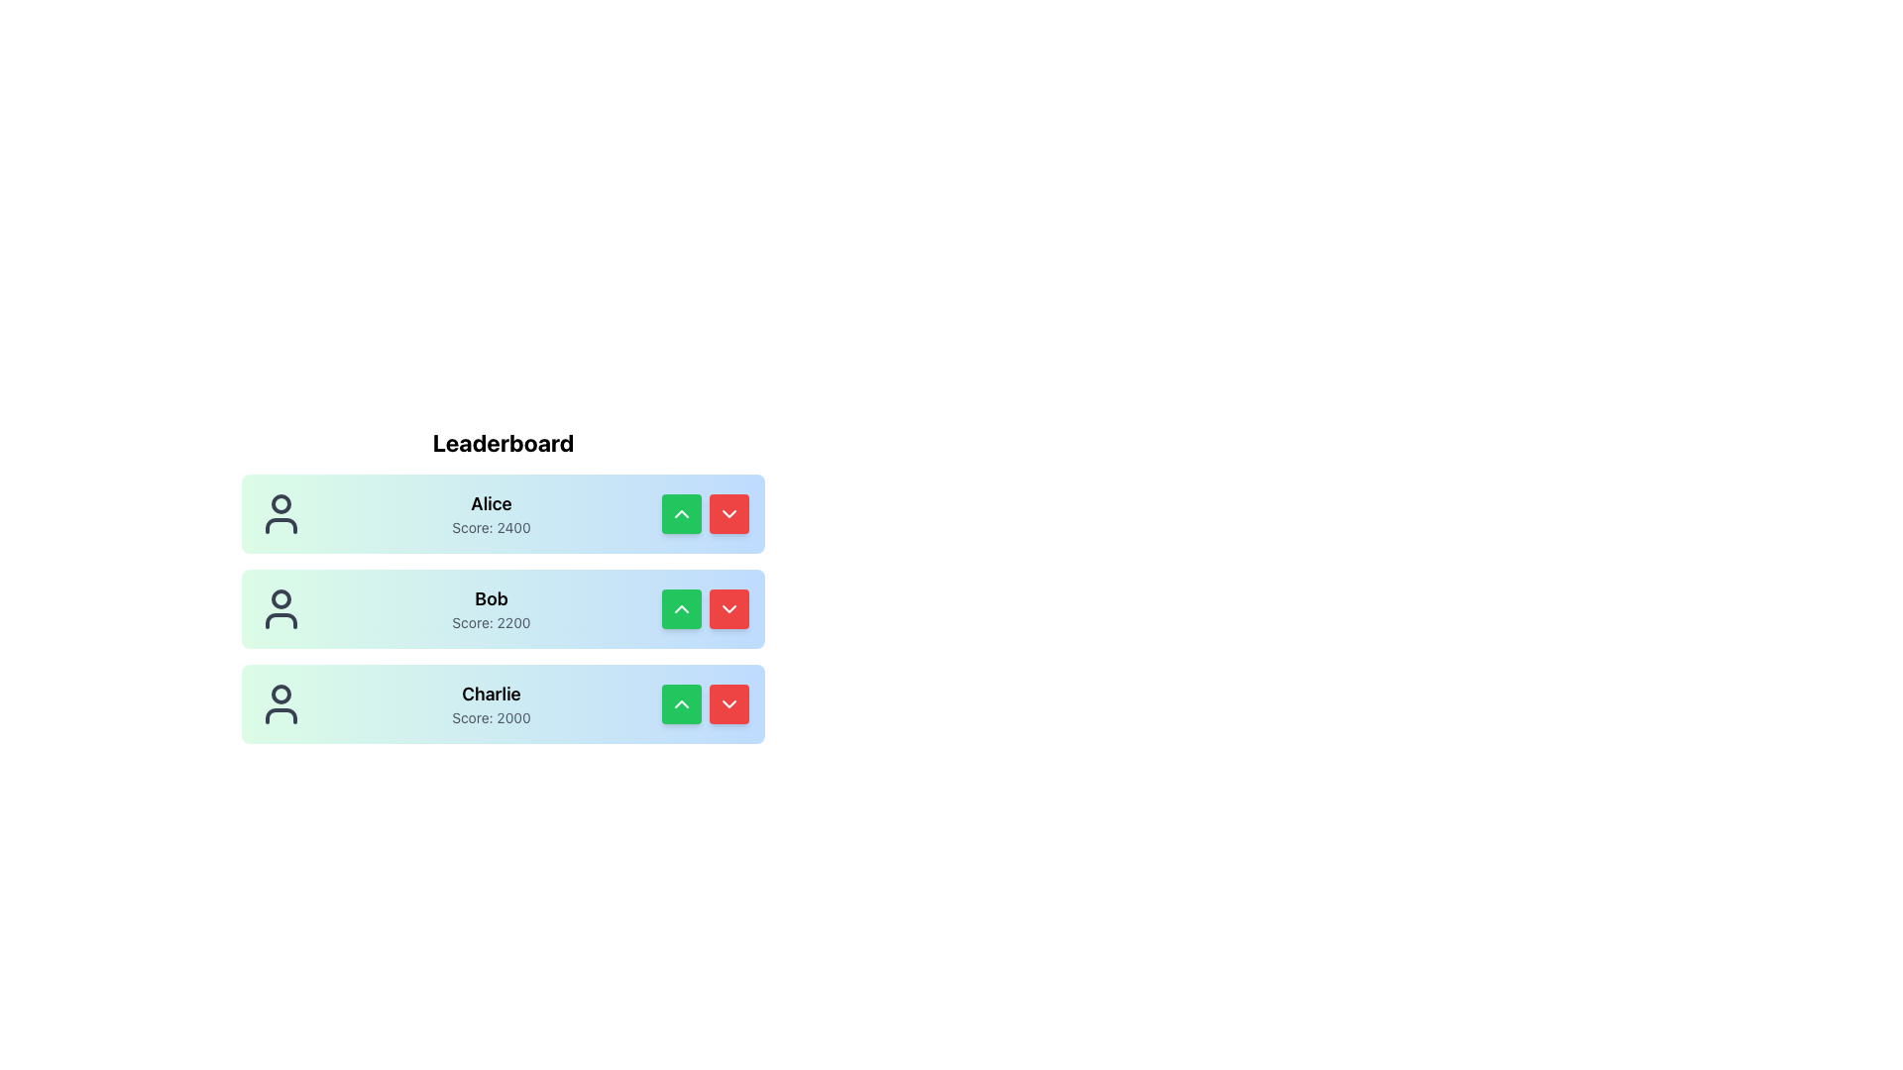 The height and width of the screenshot is (1070, 1903). Describe the element at coordinates (491, 513) in the screenshot. I see `the Text Display element showing user 'Alice' with score '2400', located at the topmost entry of the leaderboard` at that location.